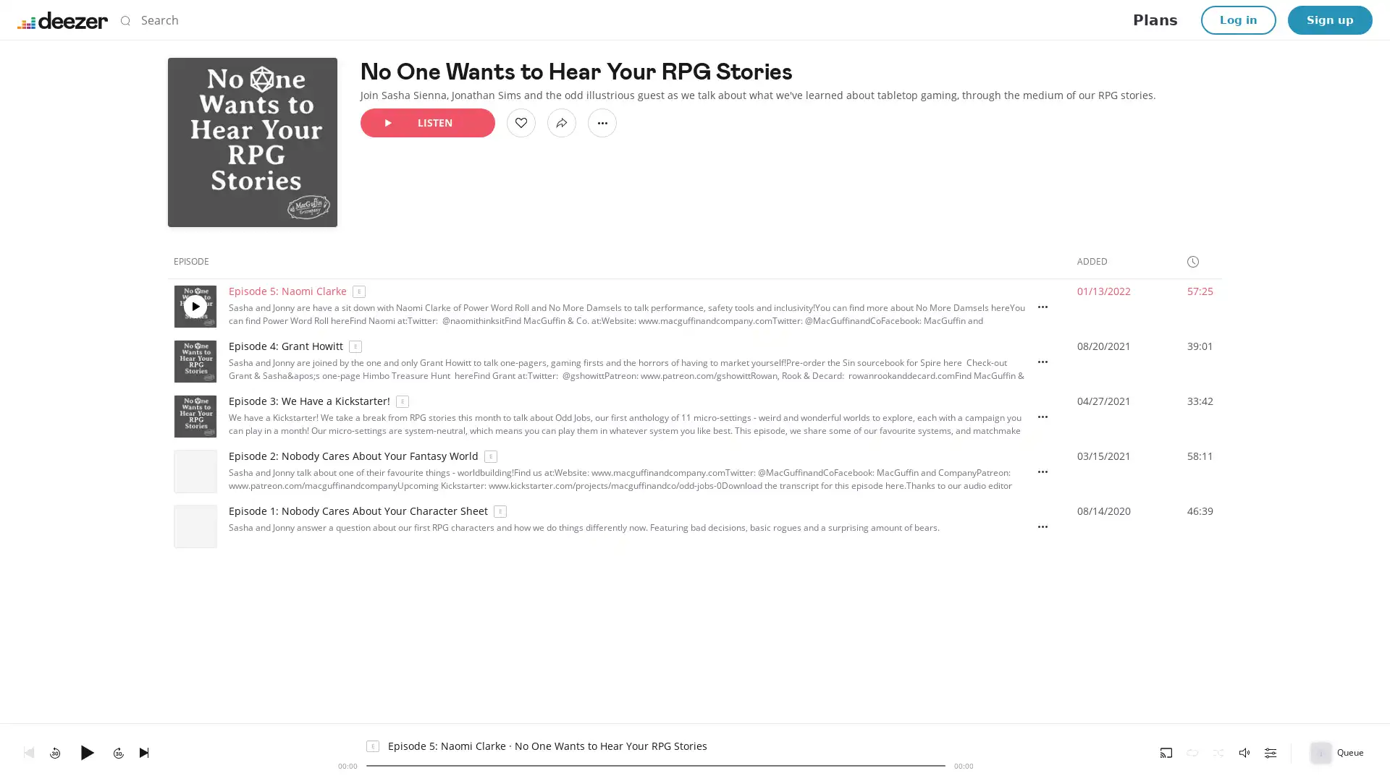  I want to click on Skip back 30 seconds, so click(55, 751).